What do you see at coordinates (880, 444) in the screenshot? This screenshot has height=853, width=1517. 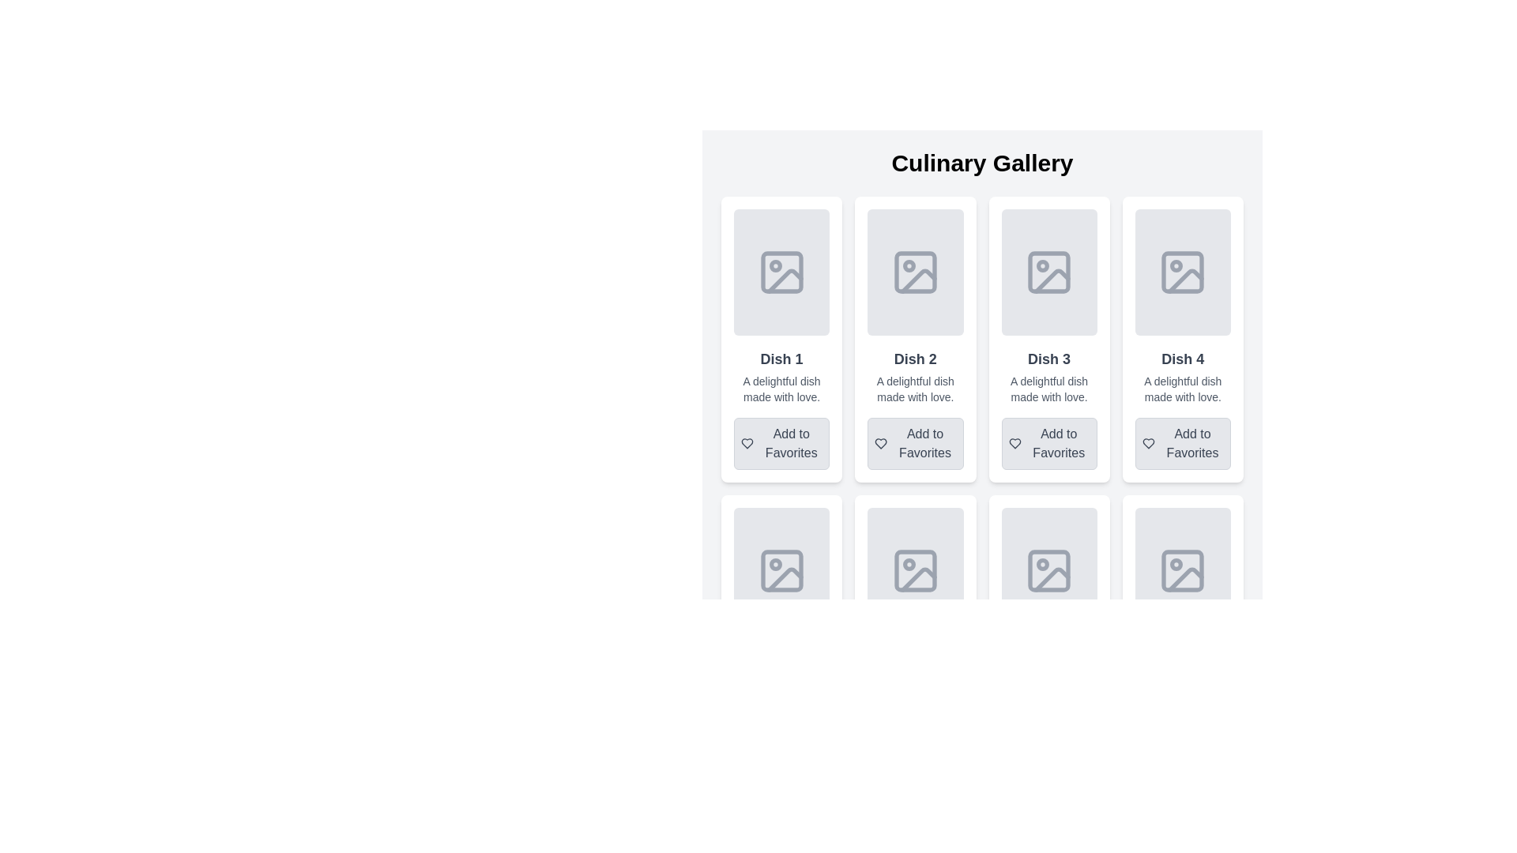 I see `the heart-shaped icon with a hollow interior and thin outline, located to the left of the 'Add to Favorites' text` at bounding box center [880, 444].